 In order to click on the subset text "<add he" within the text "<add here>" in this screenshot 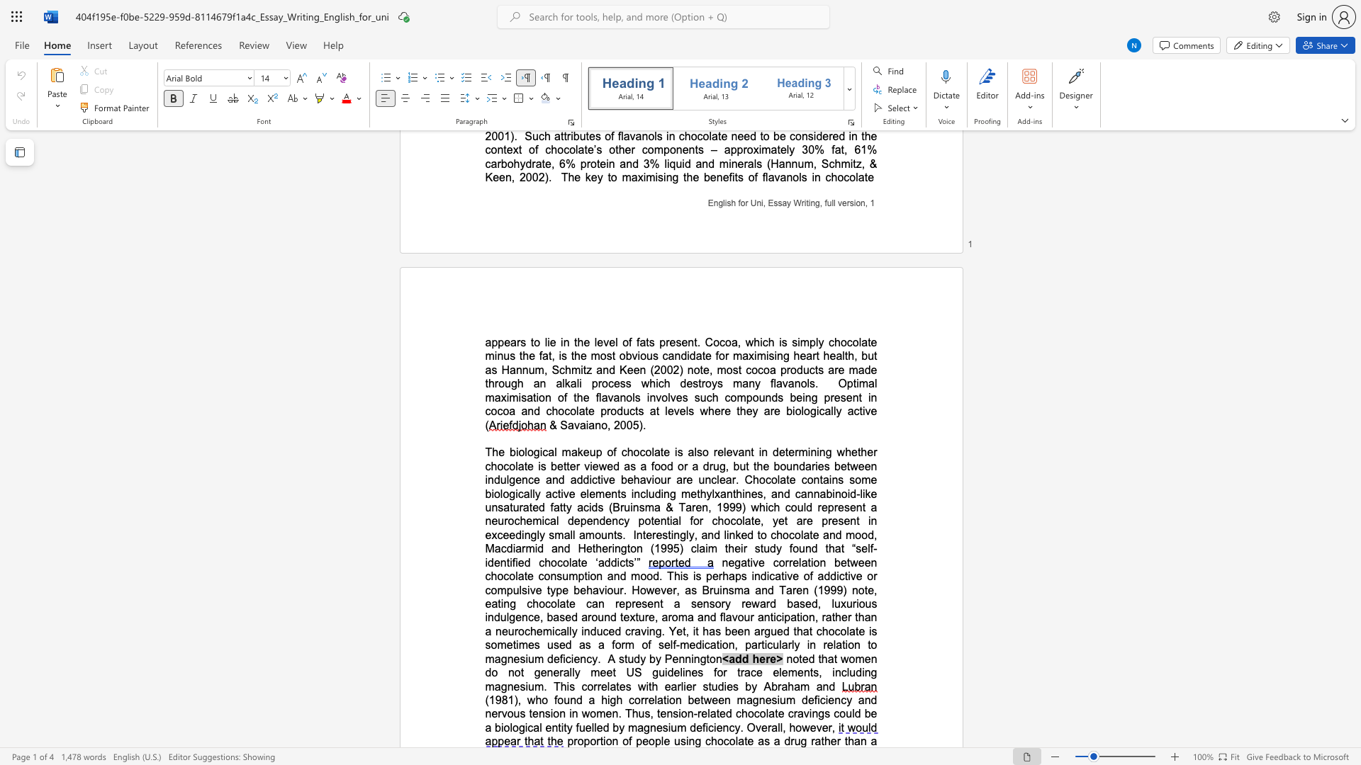, I will do `click(722, 659)`.